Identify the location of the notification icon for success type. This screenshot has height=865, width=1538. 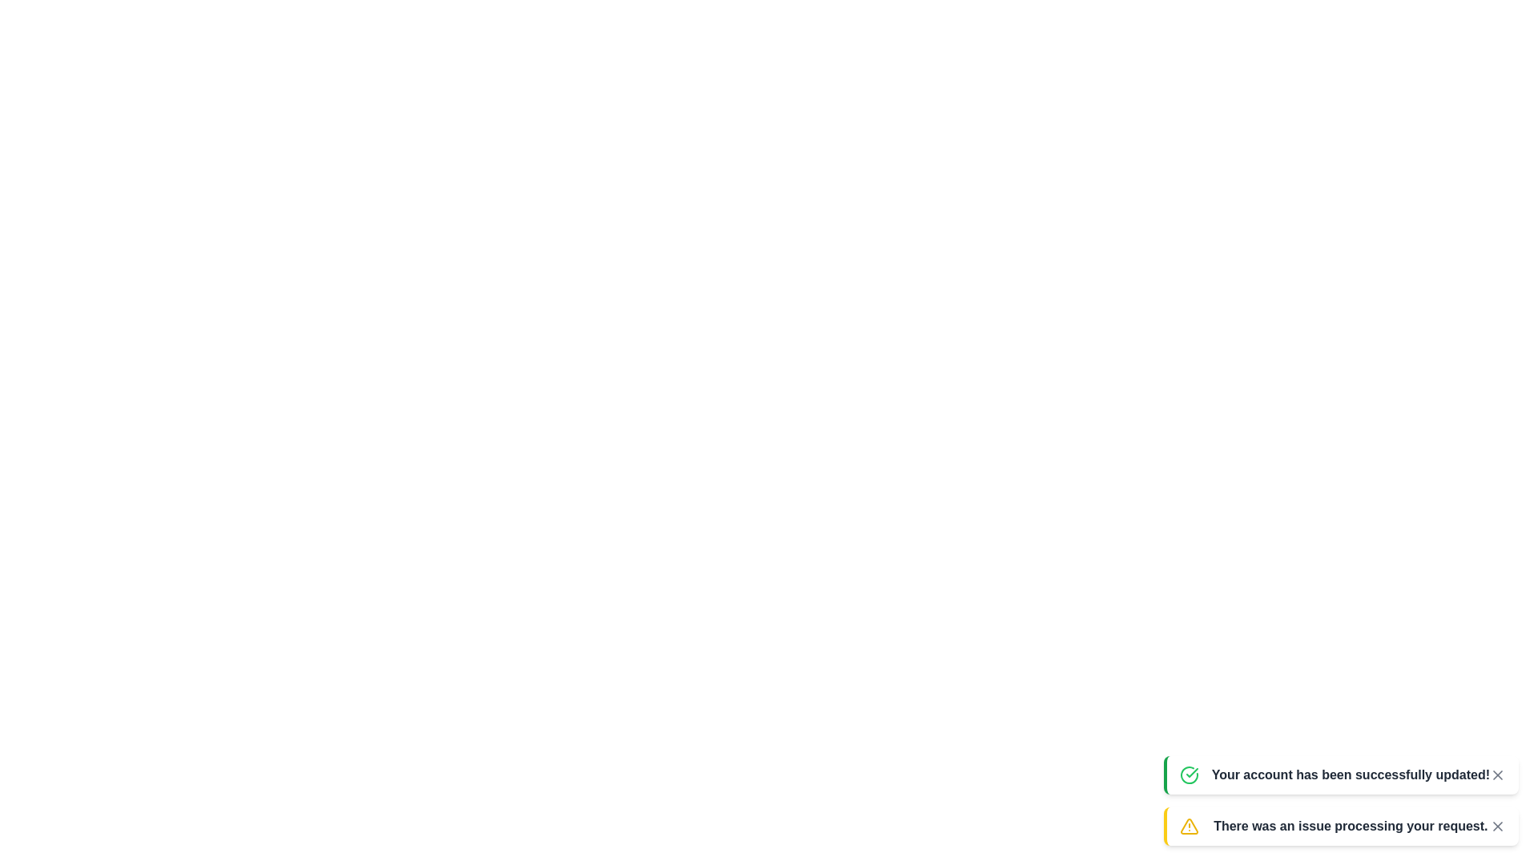
(1189, 774).